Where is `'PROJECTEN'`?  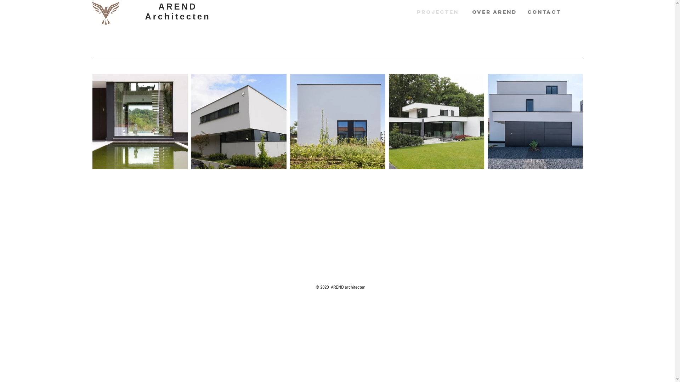 'PROJECTEN' is located at coordinates (438, 12).